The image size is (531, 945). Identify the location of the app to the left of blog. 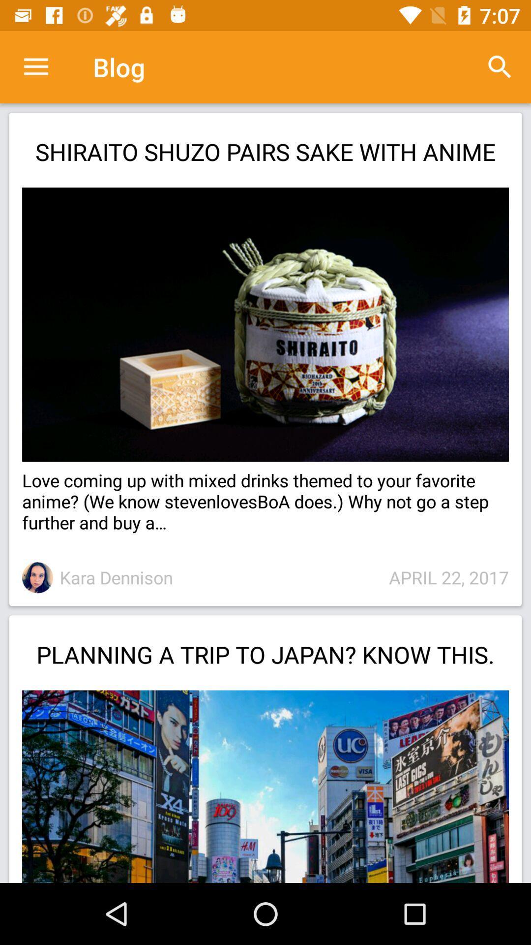
(35, 66).